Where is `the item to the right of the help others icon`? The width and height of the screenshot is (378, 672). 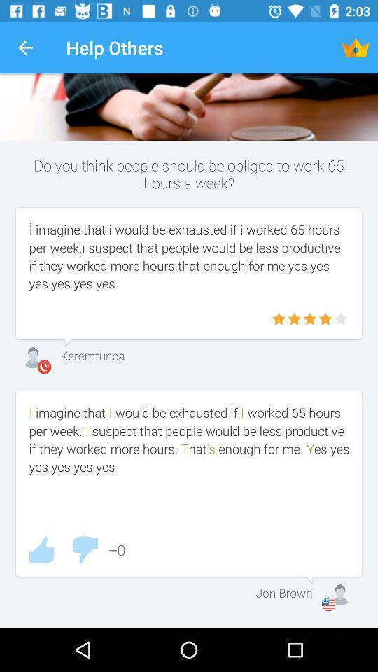 the item to the right of the help others icon is located at coordinates (356, 48).